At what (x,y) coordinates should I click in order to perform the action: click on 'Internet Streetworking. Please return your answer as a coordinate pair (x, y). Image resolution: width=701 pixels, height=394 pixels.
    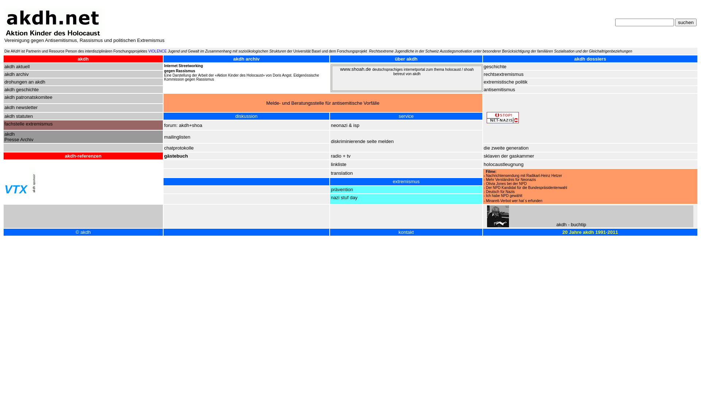
    Looking at the image, I should click on (184, 68).